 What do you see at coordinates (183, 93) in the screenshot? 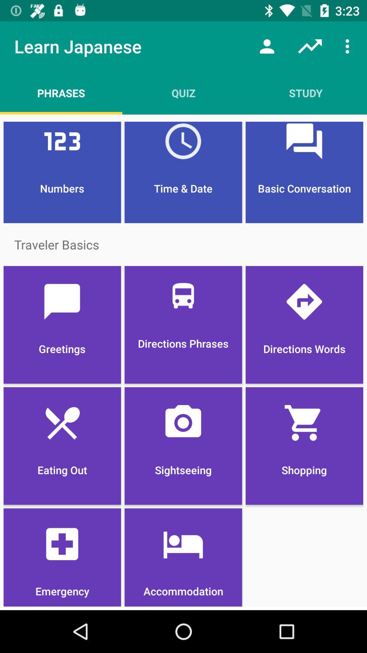
I see `item next to study app` at bounding box center [183, 93].